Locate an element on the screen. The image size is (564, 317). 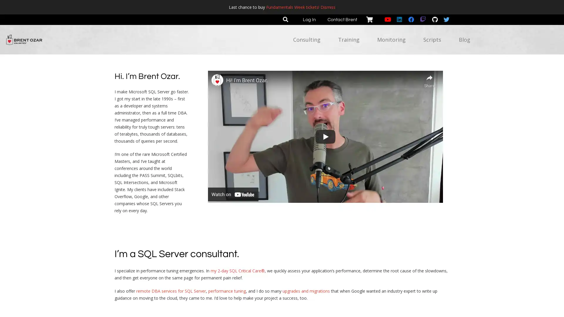
Close is located at coordinates (451, 14).